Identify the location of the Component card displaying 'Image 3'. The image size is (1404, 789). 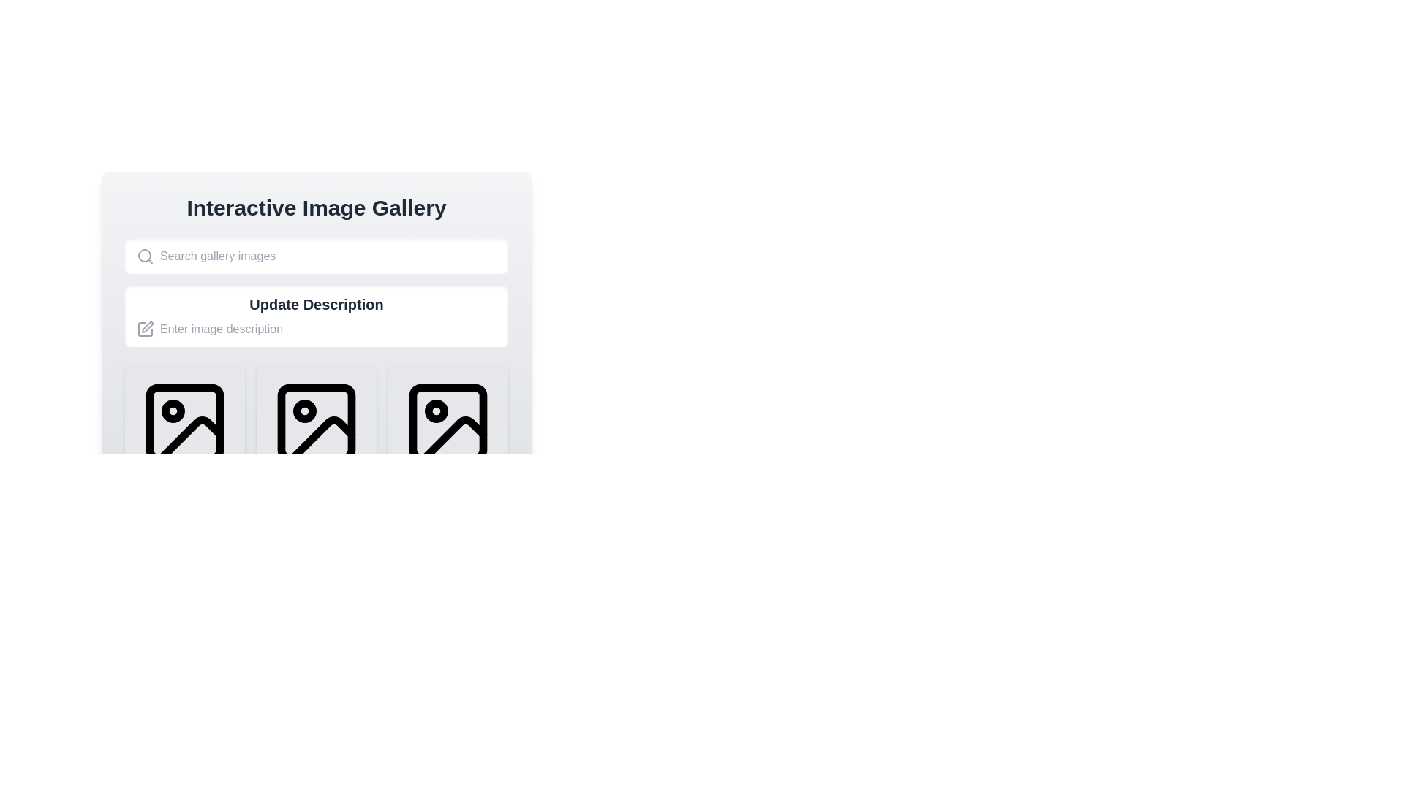
(448, 444).